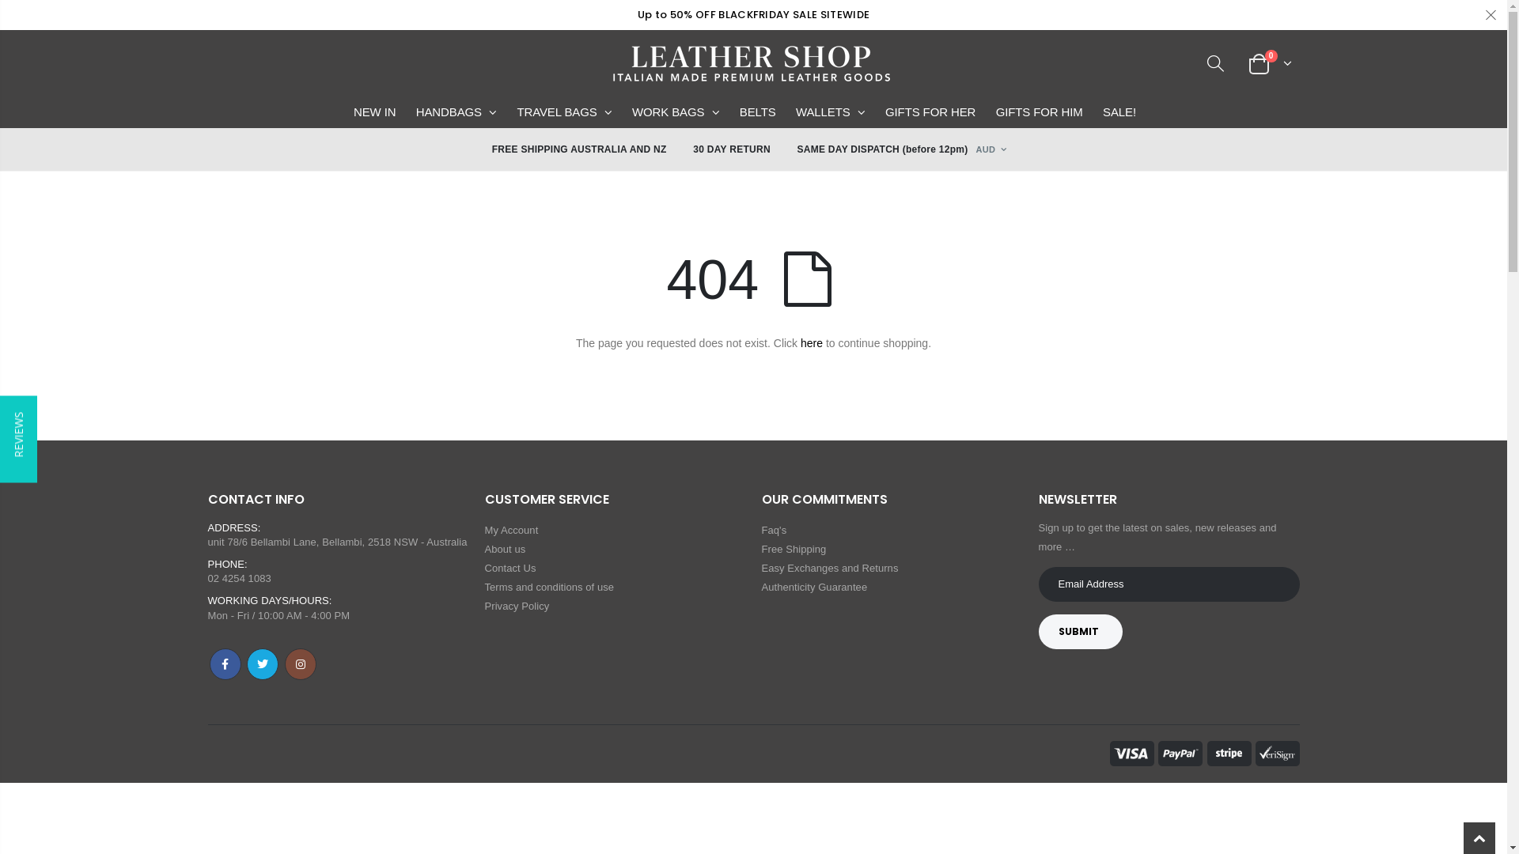  I want to click on '0', so click(1245, 63).